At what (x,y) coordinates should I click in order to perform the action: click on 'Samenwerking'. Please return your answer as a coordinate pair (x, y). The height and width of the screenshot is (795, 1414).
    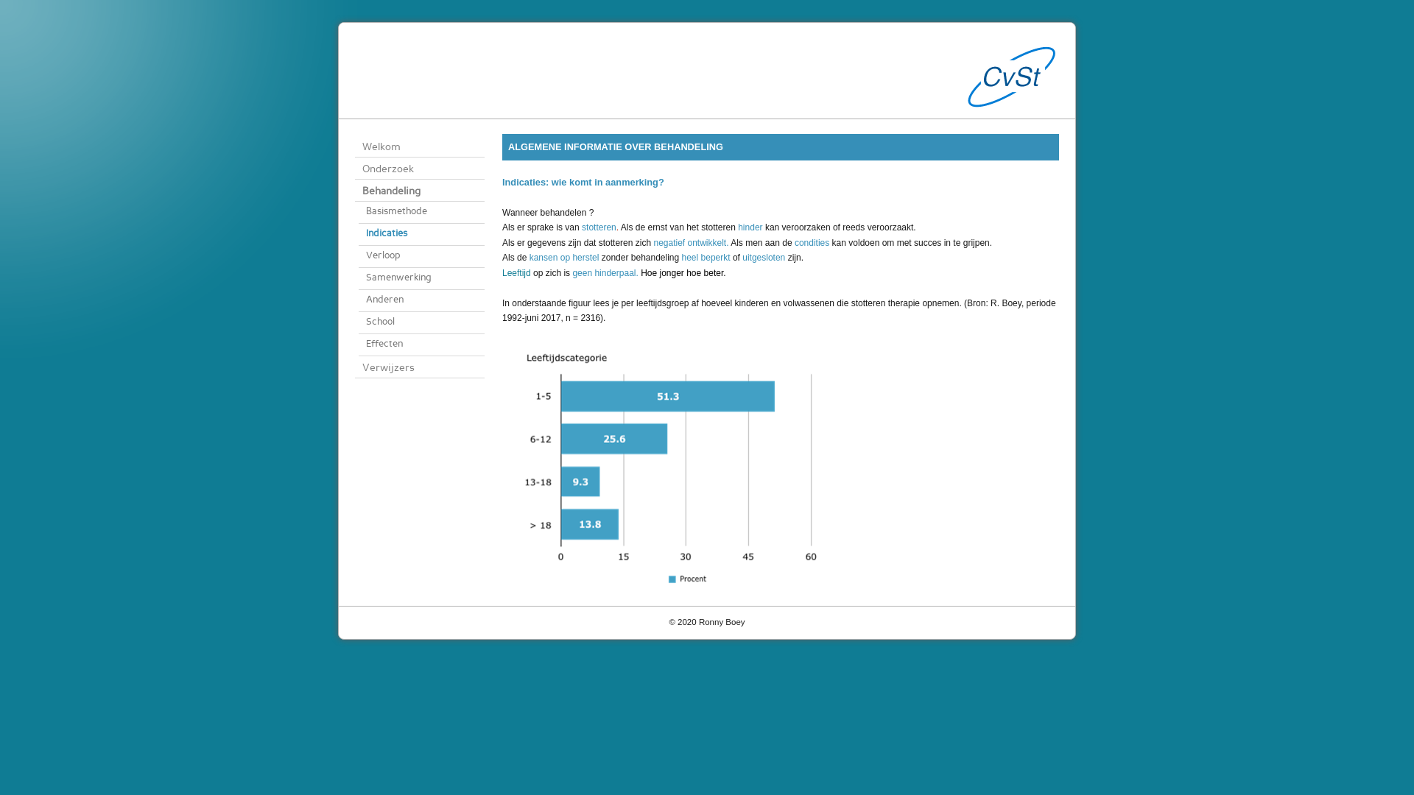
    Looking at the image, I should click on (358, 278).